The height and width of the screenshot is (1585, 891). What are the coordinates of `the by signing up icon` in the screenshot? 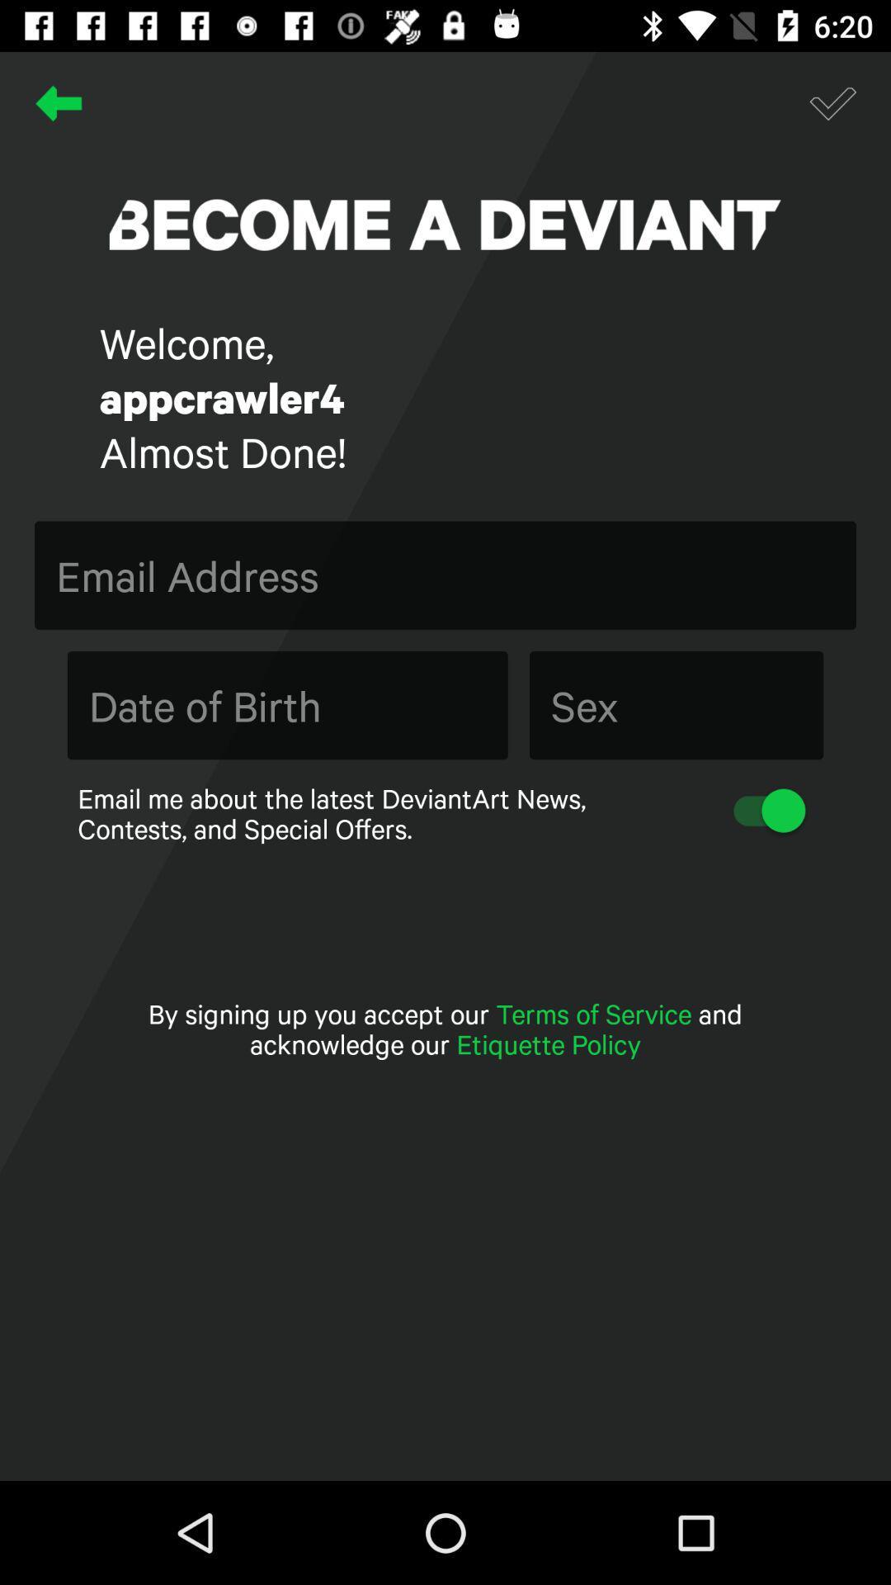 It's located at (445, 1028).